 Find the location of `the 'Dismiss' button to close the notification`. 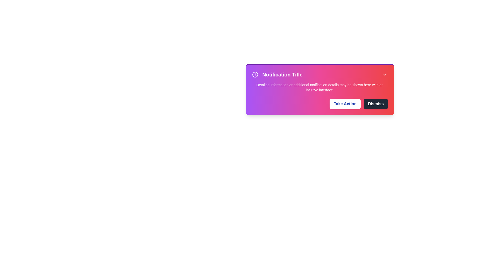

the 'Dismiss' button to close the notification is located at coordinates (376, 104).